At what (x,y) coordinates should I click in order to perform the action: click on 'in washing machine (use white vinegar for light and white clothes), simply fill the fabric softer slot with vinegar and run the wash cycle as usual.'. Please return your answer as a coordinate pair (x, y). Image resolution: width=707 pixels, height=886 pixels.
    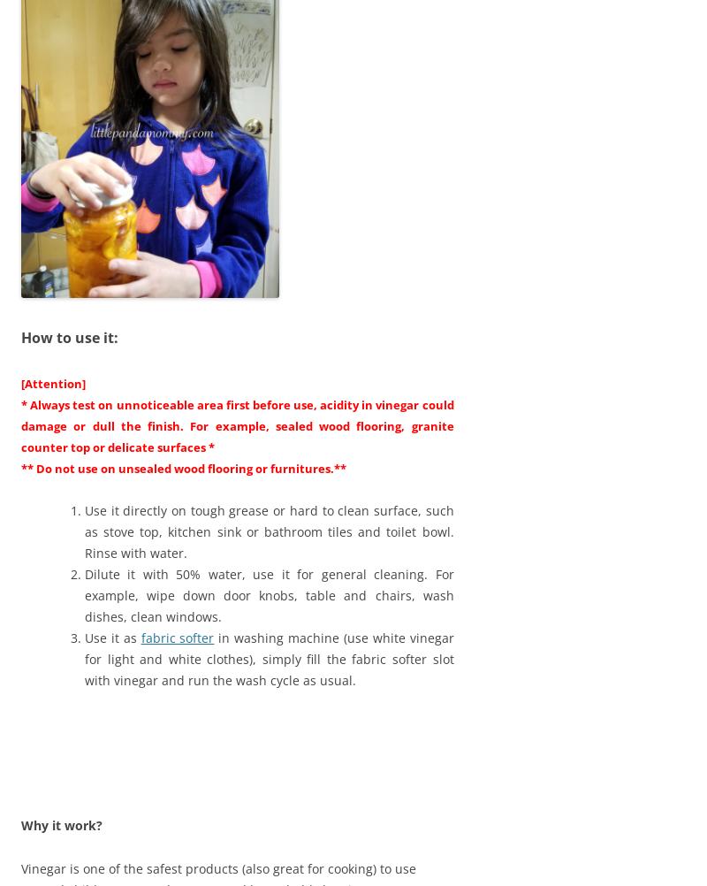
    Looking at the image, I should click on (85, 658).